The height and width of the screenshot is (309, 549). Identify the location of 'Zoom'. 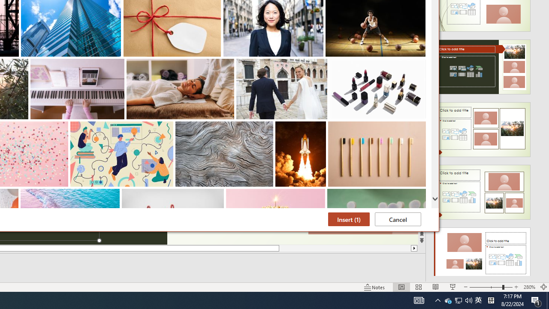
(491, 287).